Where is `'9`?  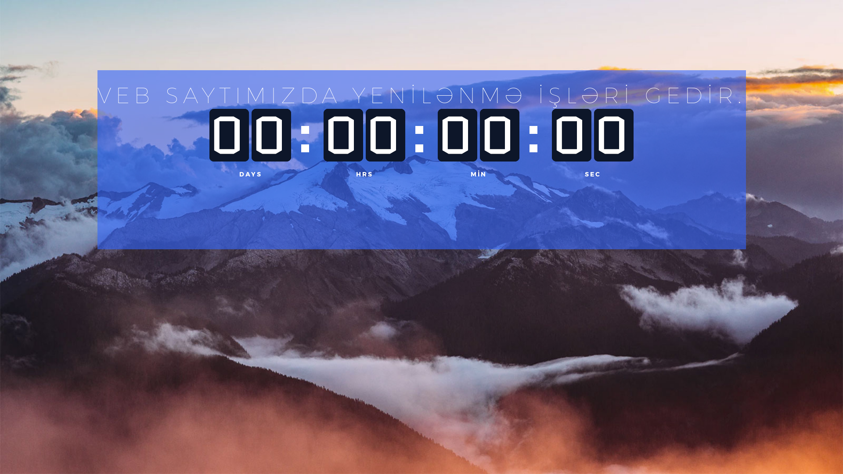
'9 is located at coordinates (229, 135).